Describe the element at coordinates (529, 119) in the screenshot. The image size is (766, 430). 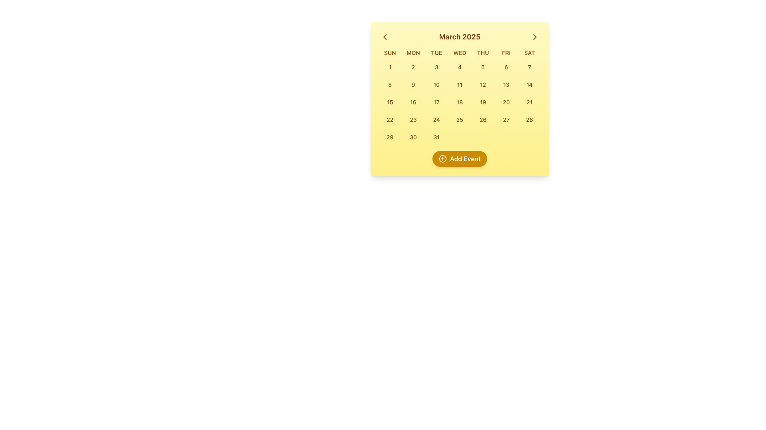
I see `the text label representing '28th of March 2025' in the calendar view to identify the date for scheduling or viewing events` at that location.